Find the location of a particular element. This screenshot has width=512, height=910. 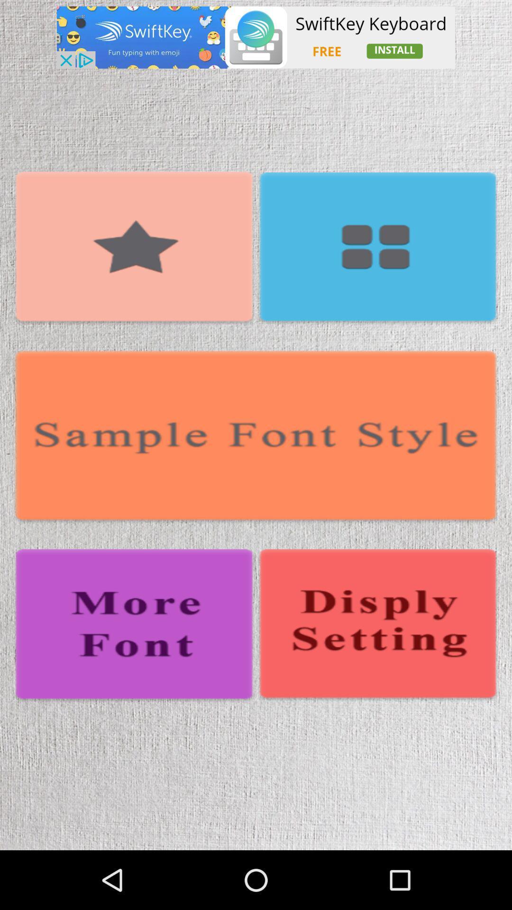

make the text highlighted is located at coordinates (134, 248).